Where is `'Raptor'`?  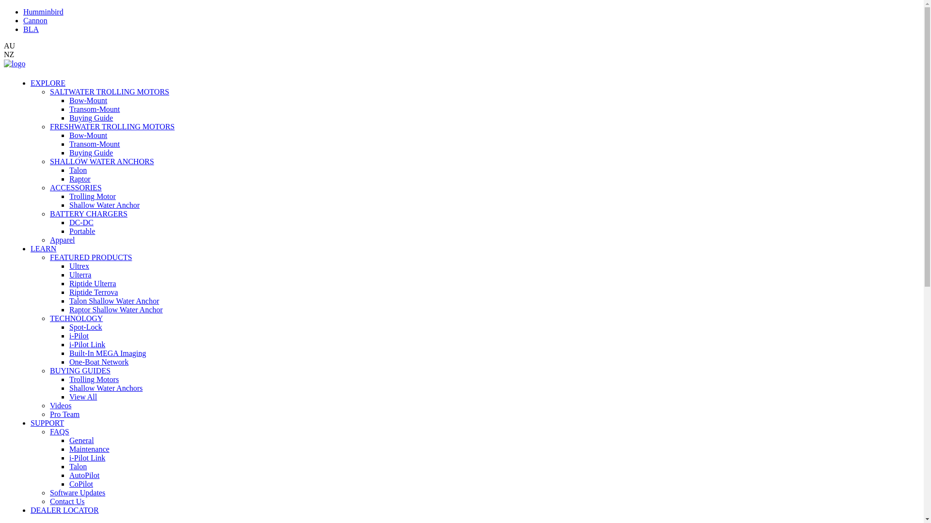
'Raptor' is located at coordinates (80, 179).